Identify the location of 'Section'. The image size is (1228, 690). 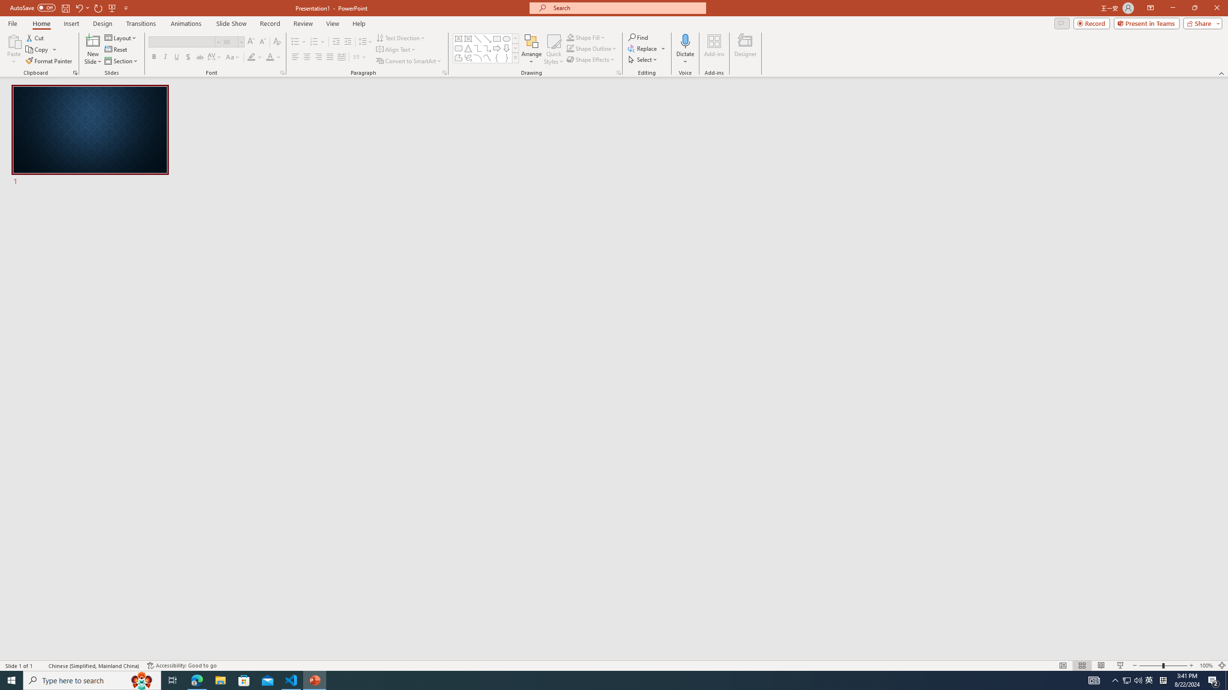
(121, 61).